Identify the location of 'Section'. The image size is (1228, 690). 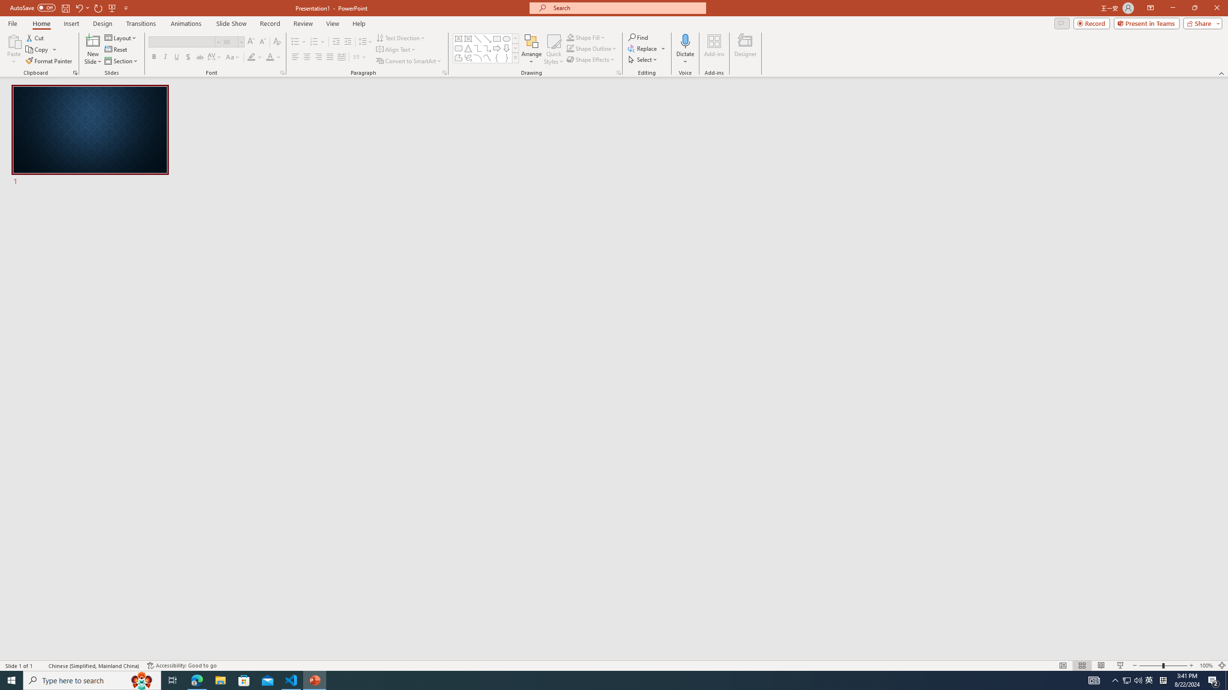
(121, 61).